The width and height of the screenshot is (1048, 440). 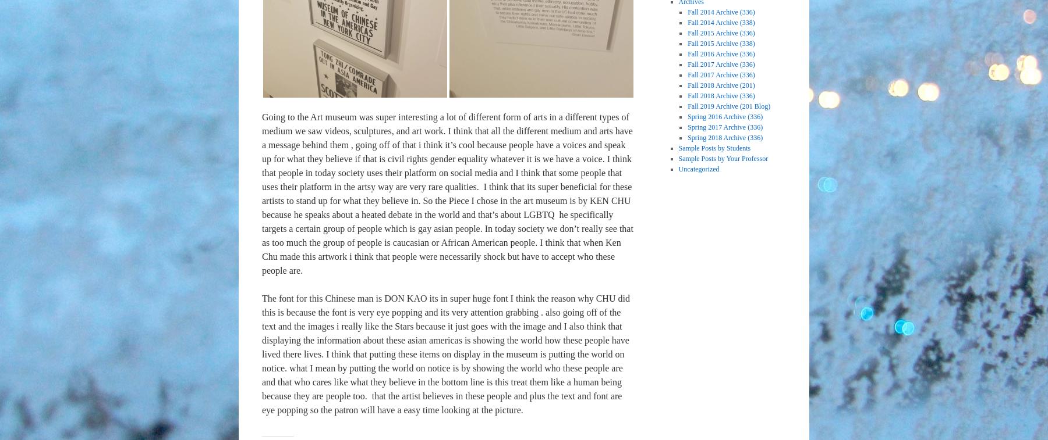 What do you see at coordinates (725, 137) in the screenshot?
I see `'Spring 2018 Archive (336)'` at bounding box center [725, 137].